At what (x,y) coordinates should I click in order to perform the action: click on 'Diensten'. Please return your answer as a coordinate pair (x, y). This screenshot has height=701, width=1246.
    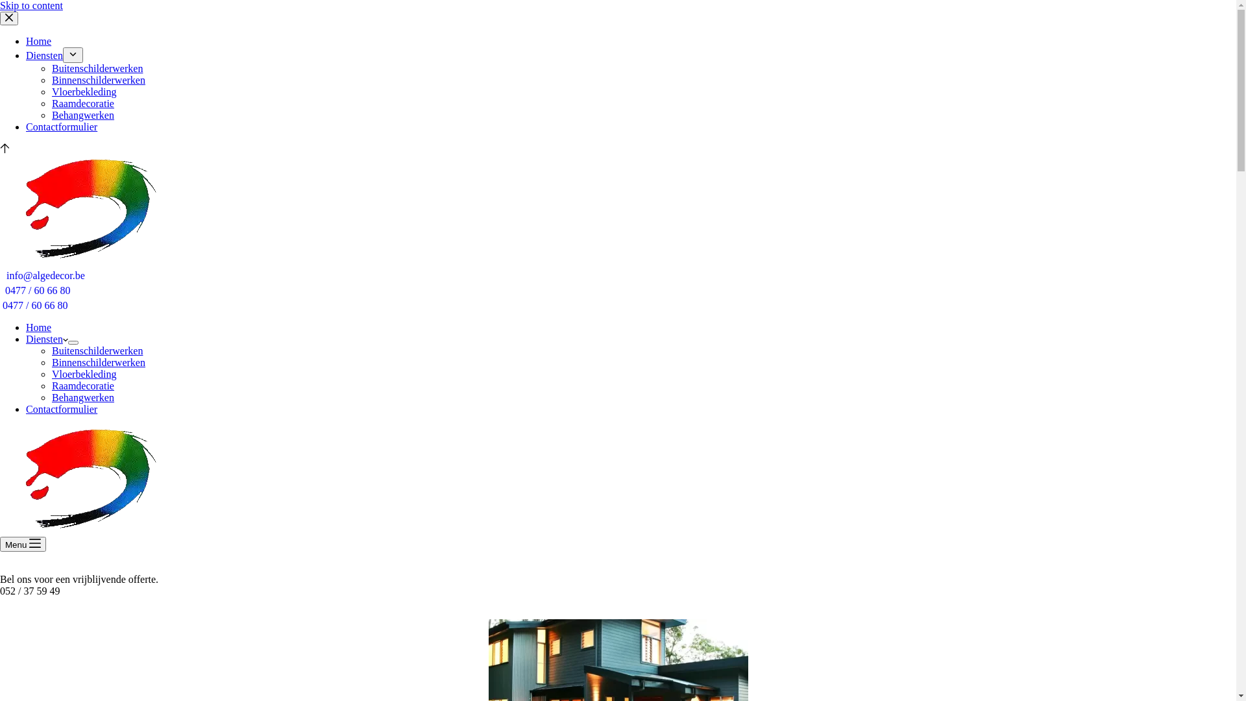
    Looking at the image, I should click on (47, 338).